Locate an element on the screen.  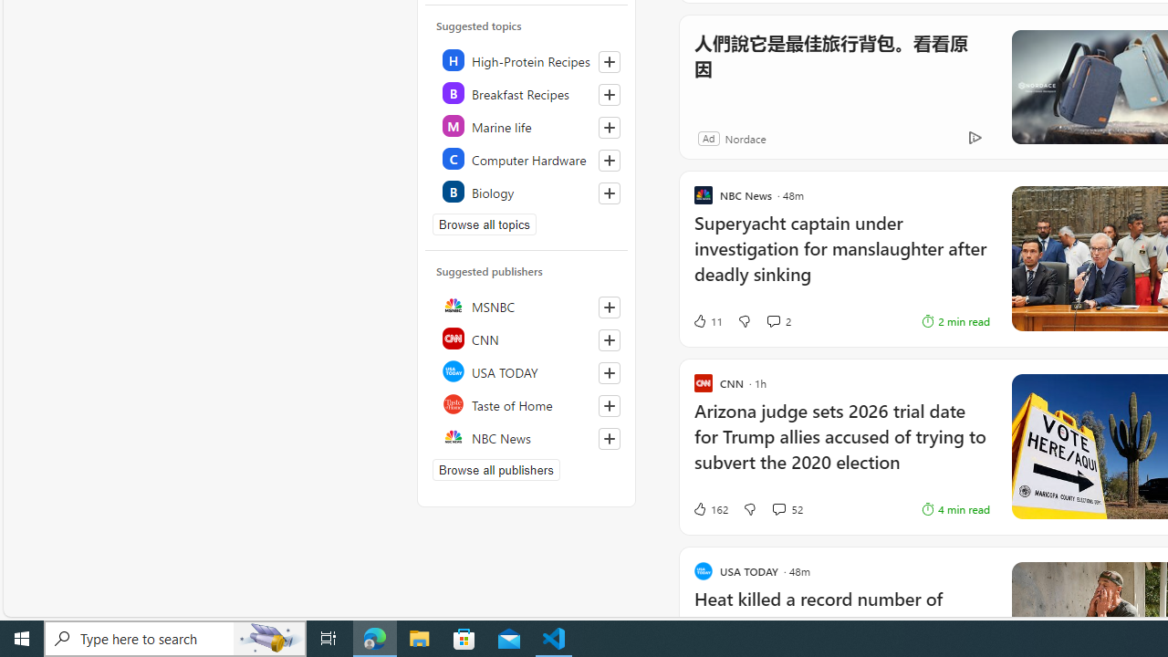
'11 Like' is located at coordinates (706, 320).